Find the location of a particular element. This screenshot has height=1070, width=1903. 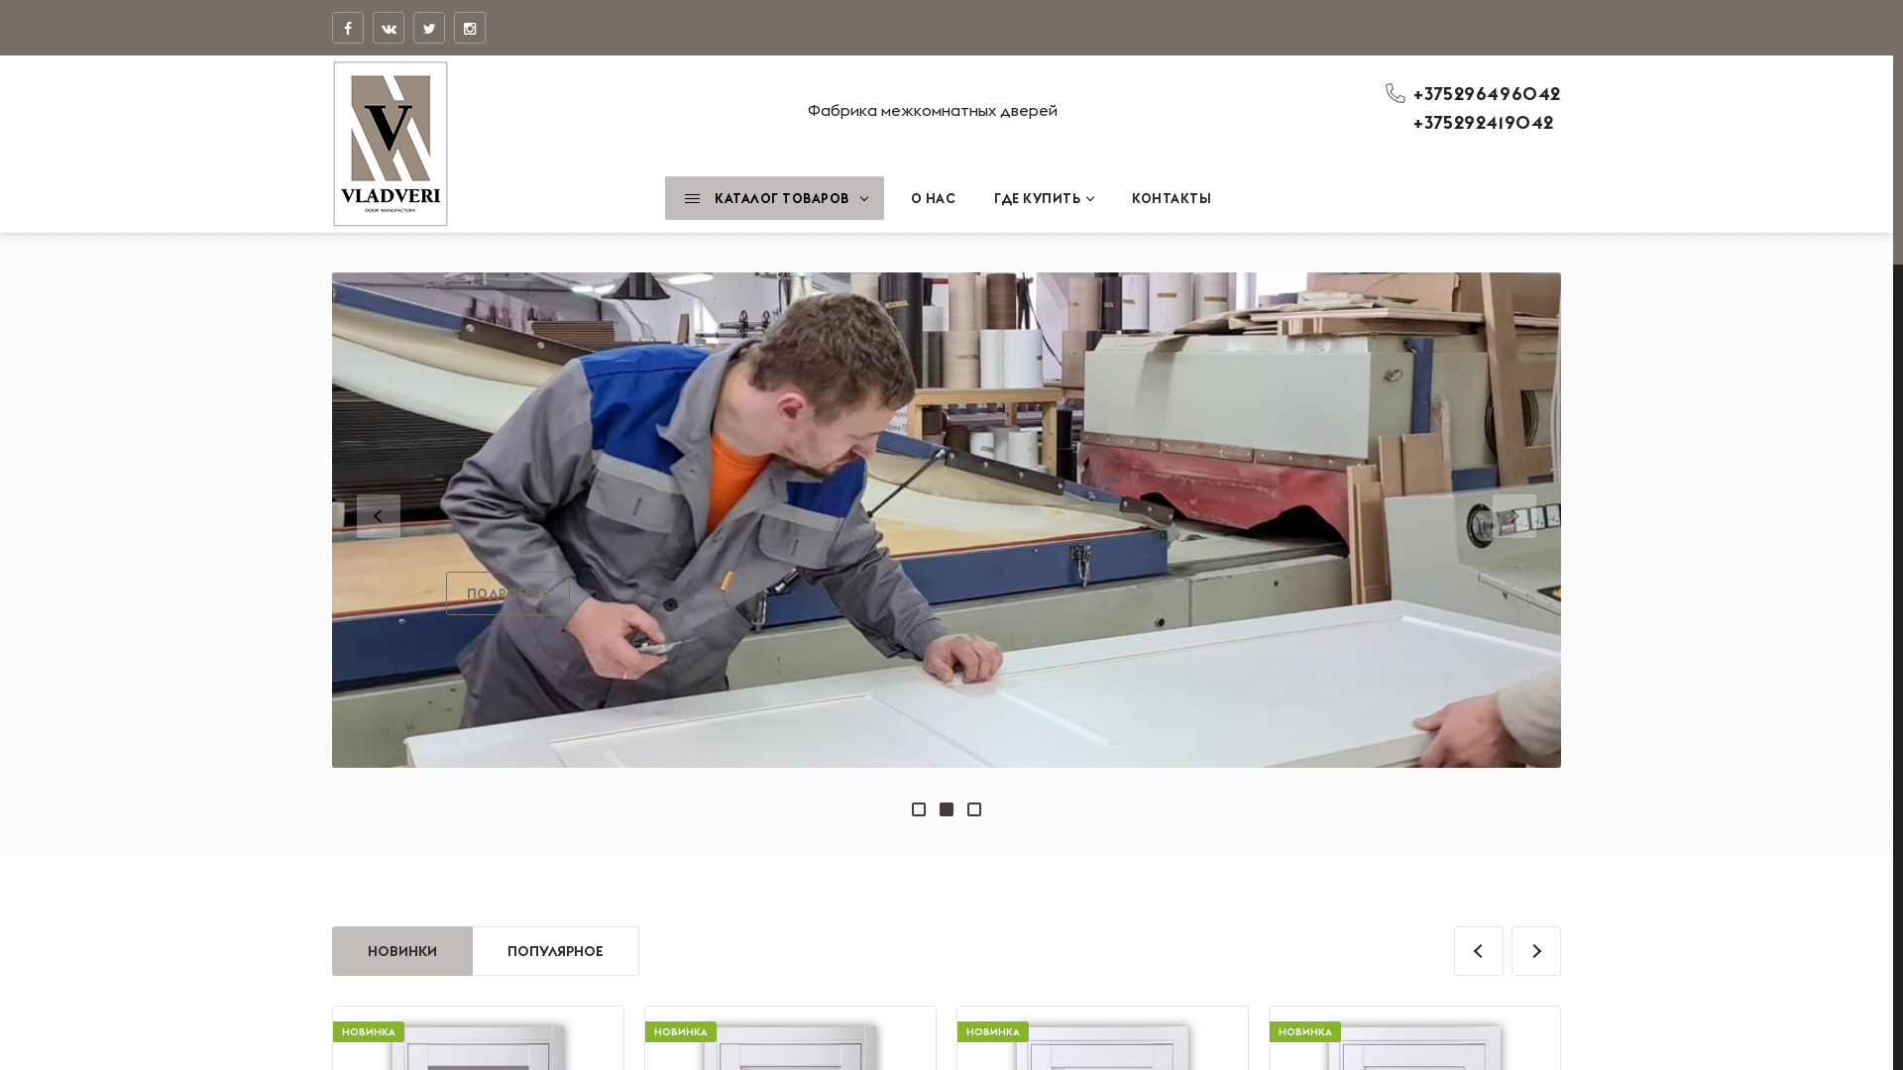

'+375292419042' is located at coordinates (1484, 122).